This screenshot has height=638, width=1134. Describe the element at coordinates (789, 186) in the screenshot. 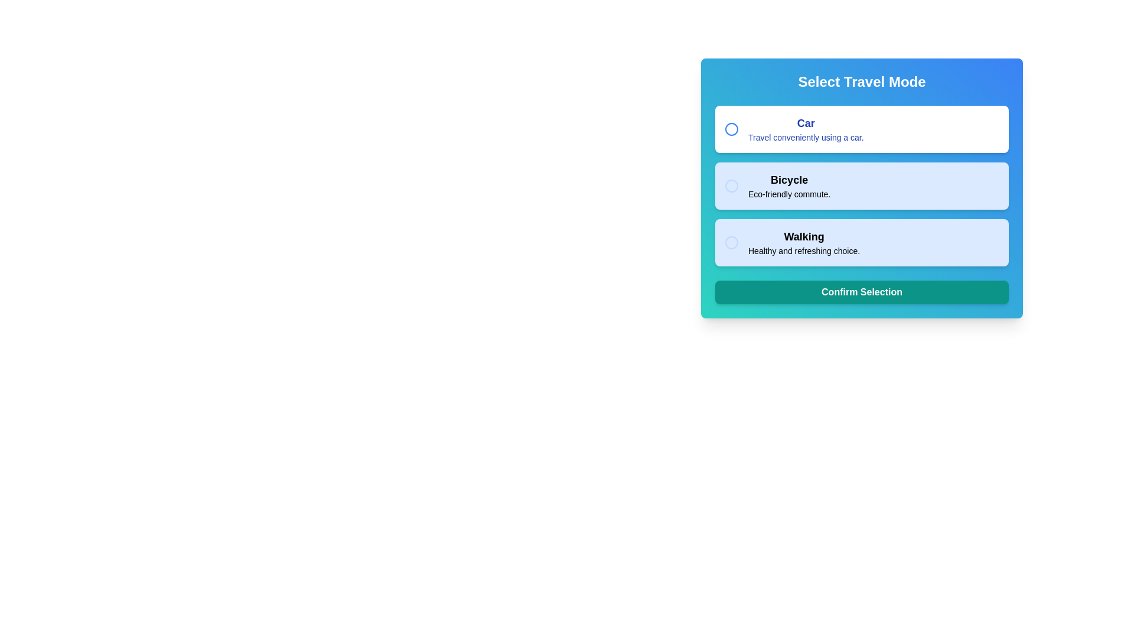

I see `the selectable list item labeled 'Bicycle'` at that location.